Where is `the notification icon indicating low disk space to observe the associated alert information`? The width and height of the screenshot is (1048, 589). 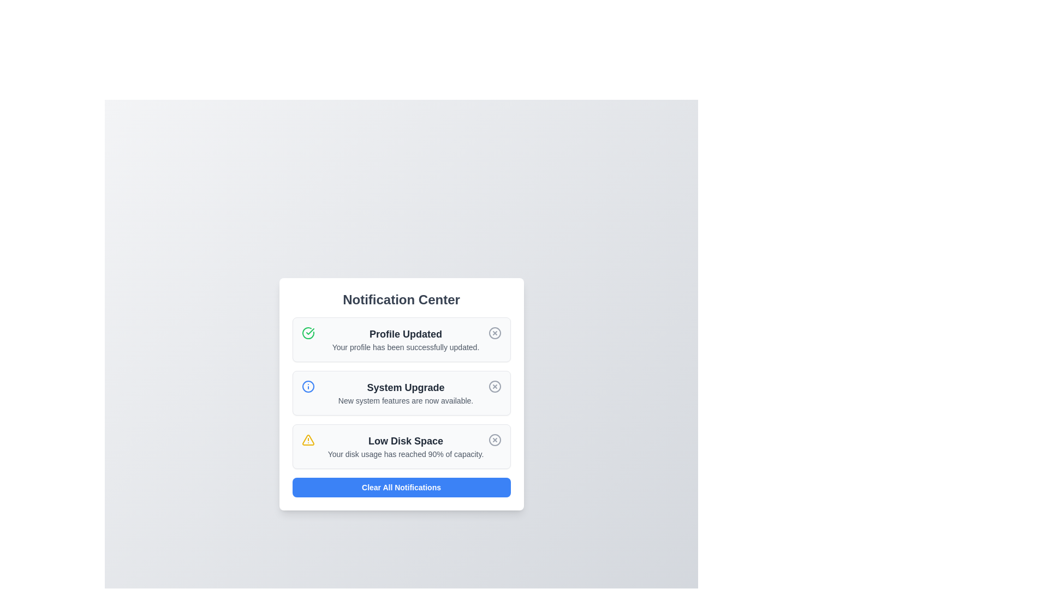
the notification icon indicating low disk space to observe the associated alert information is located at coordinates (307, 439).